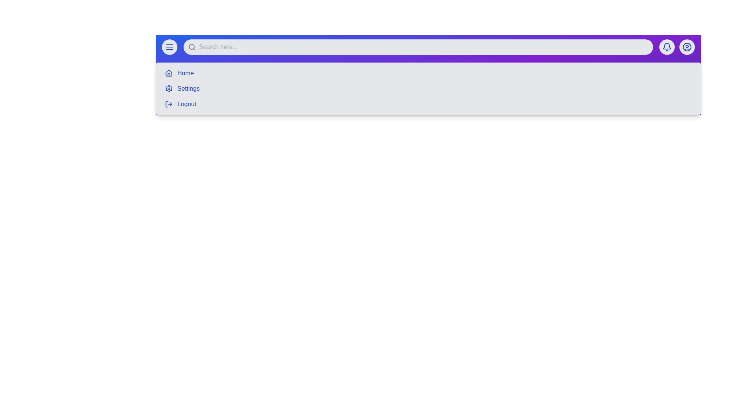  What do you see at coordinates (417, 47) in the screenshot?
I see `the search field and type the text 'example'` at bounding box center [417, 47].